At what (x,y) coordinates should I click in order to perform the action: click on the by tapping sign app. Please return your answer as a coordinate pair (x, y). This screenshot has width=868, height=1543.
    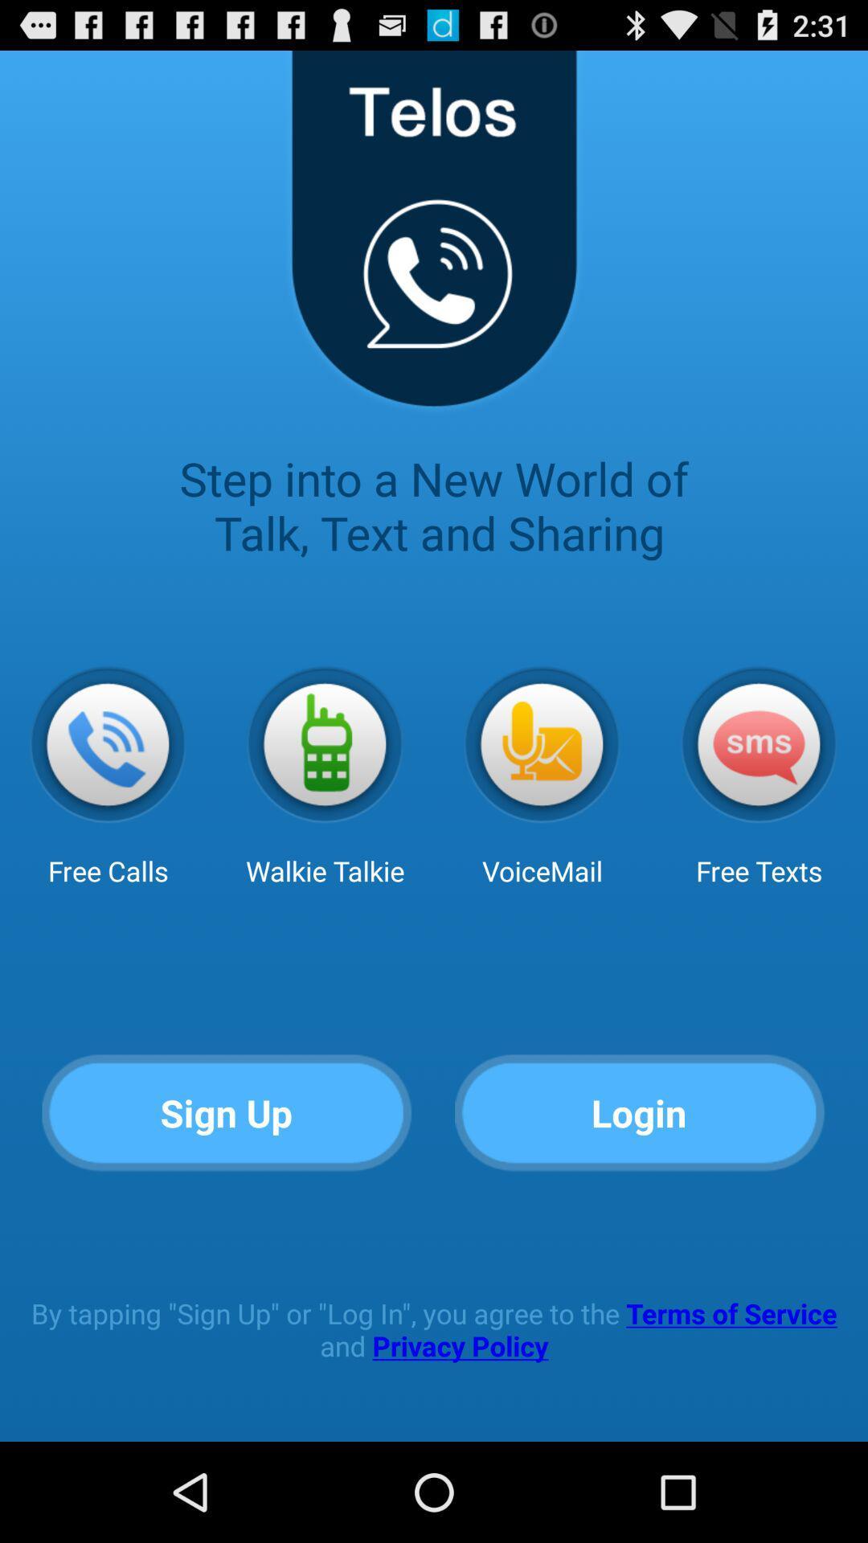
    Looking at the image, I should click on (434, 1329).